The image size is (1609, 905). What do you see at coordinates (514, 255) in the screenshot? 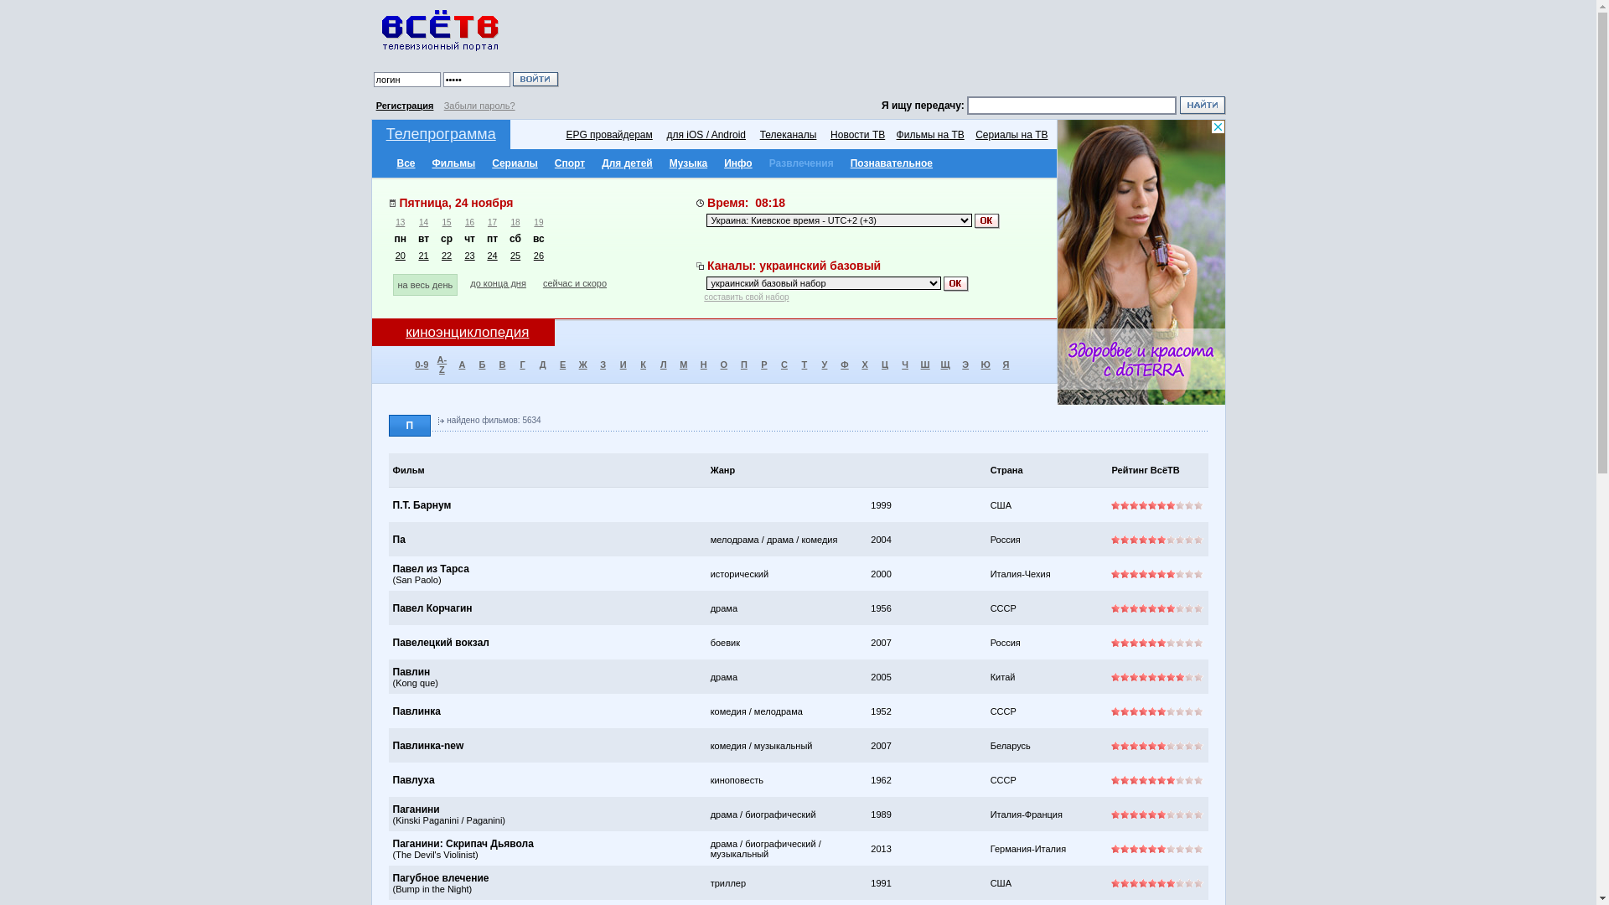
I see `'25'` at bounding box center [514, 255].